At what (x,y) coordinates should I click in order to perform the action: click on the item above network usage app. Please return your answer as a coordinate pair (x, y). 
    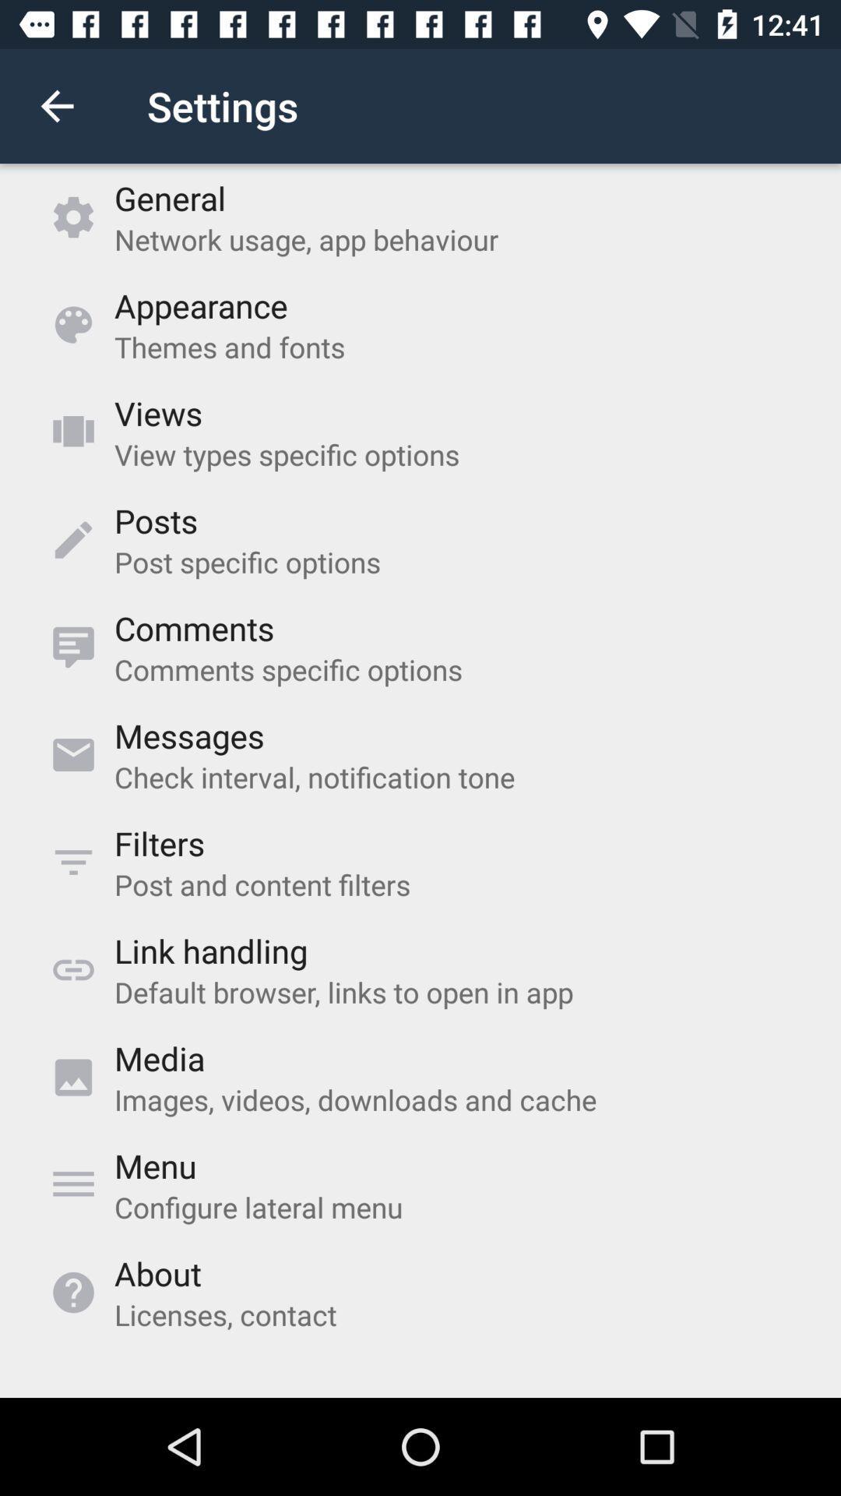
    Looking at the image, I should click on (170, 197).